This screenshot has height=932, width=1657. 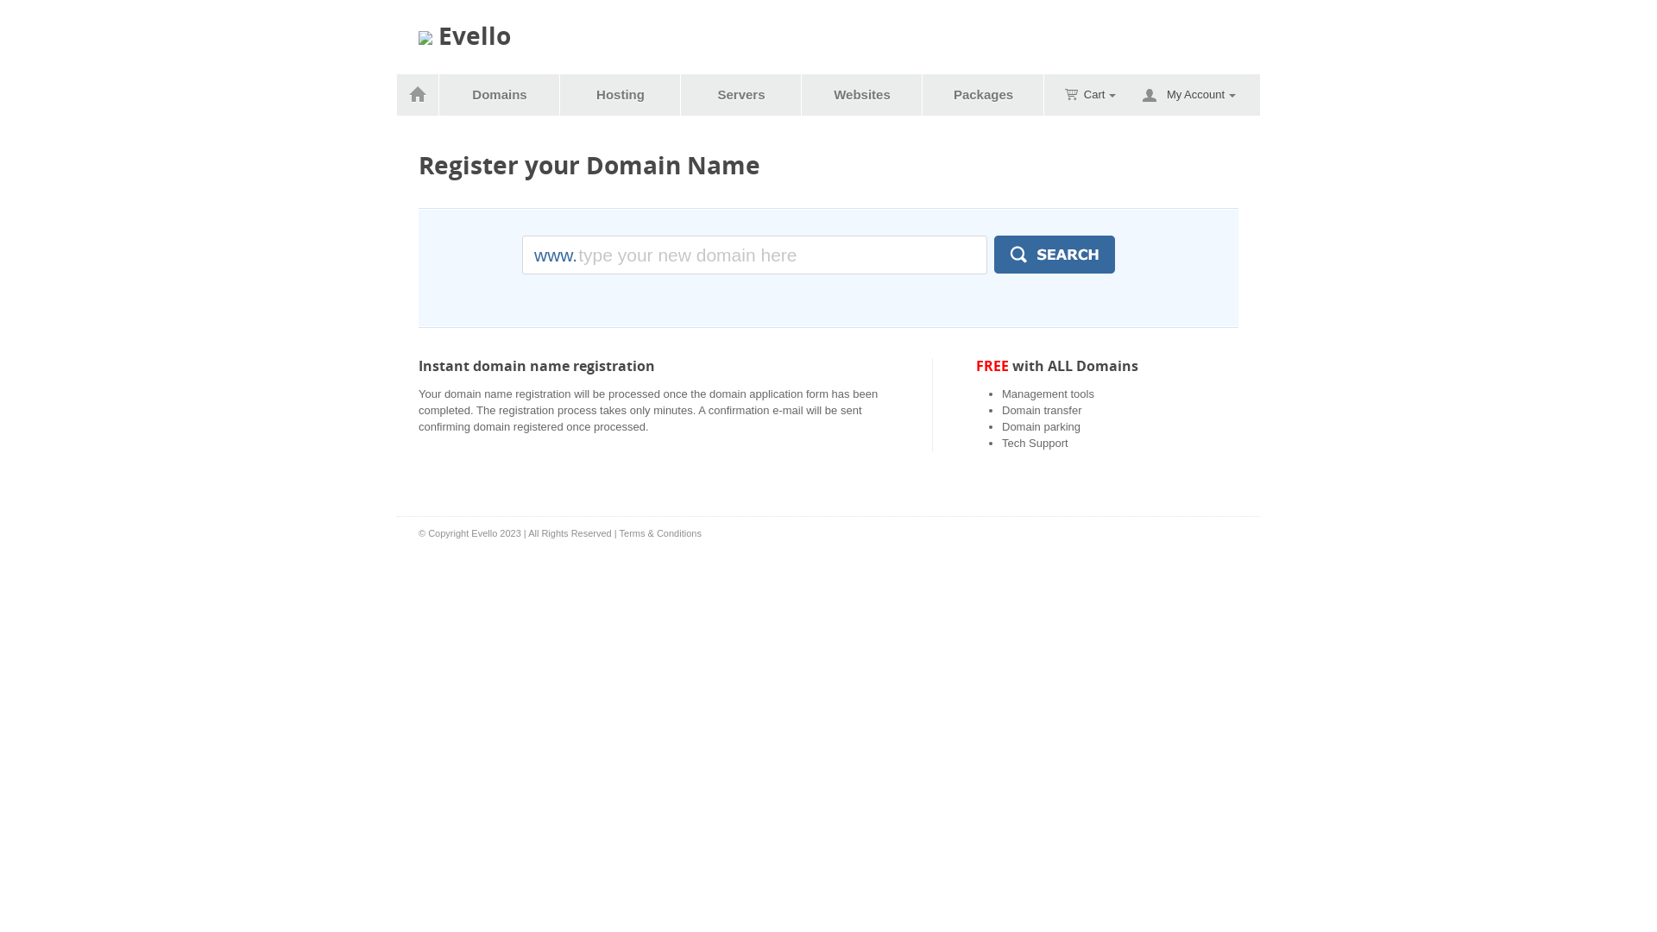 What do you see at coordinates (659, 532) in the screenshot?
I see `'Terms & Conditions'` at bounding box center [659, 532].